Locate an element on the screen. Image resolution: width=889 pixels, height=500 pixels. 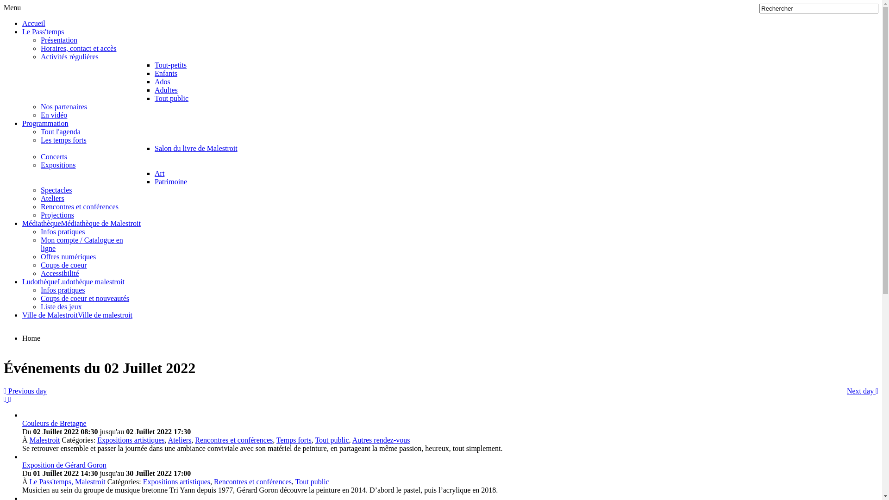
'Couleurs de Bretagne' is located at coordinates (54, 423).